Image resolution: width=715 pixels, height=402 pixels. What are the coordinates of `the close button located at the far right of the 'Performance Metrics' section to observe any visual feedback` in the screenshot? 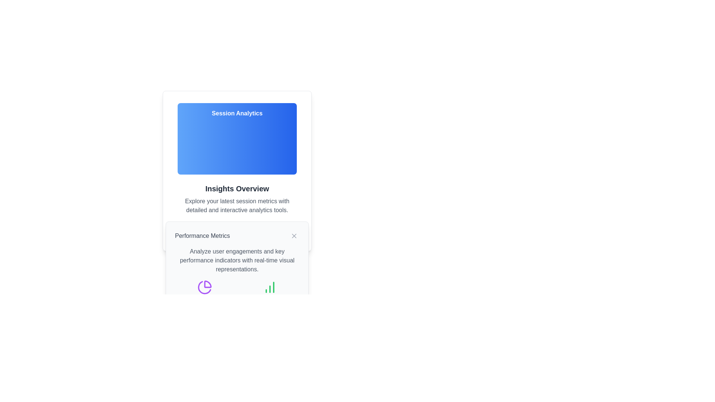 It's located at (294, 236).